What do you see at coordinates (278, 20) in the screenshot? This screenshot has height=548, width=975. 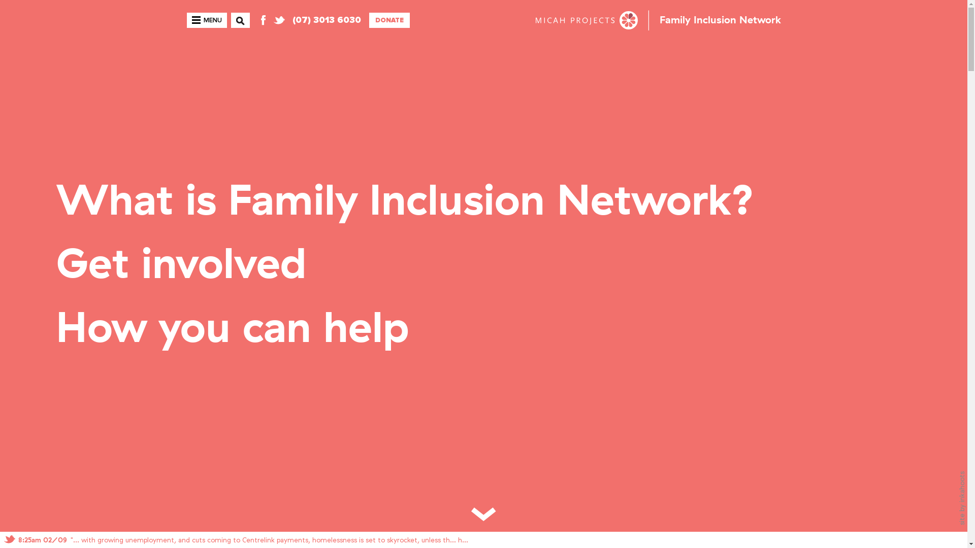 I see `'Twitter'` at bounding box center [278, 20].